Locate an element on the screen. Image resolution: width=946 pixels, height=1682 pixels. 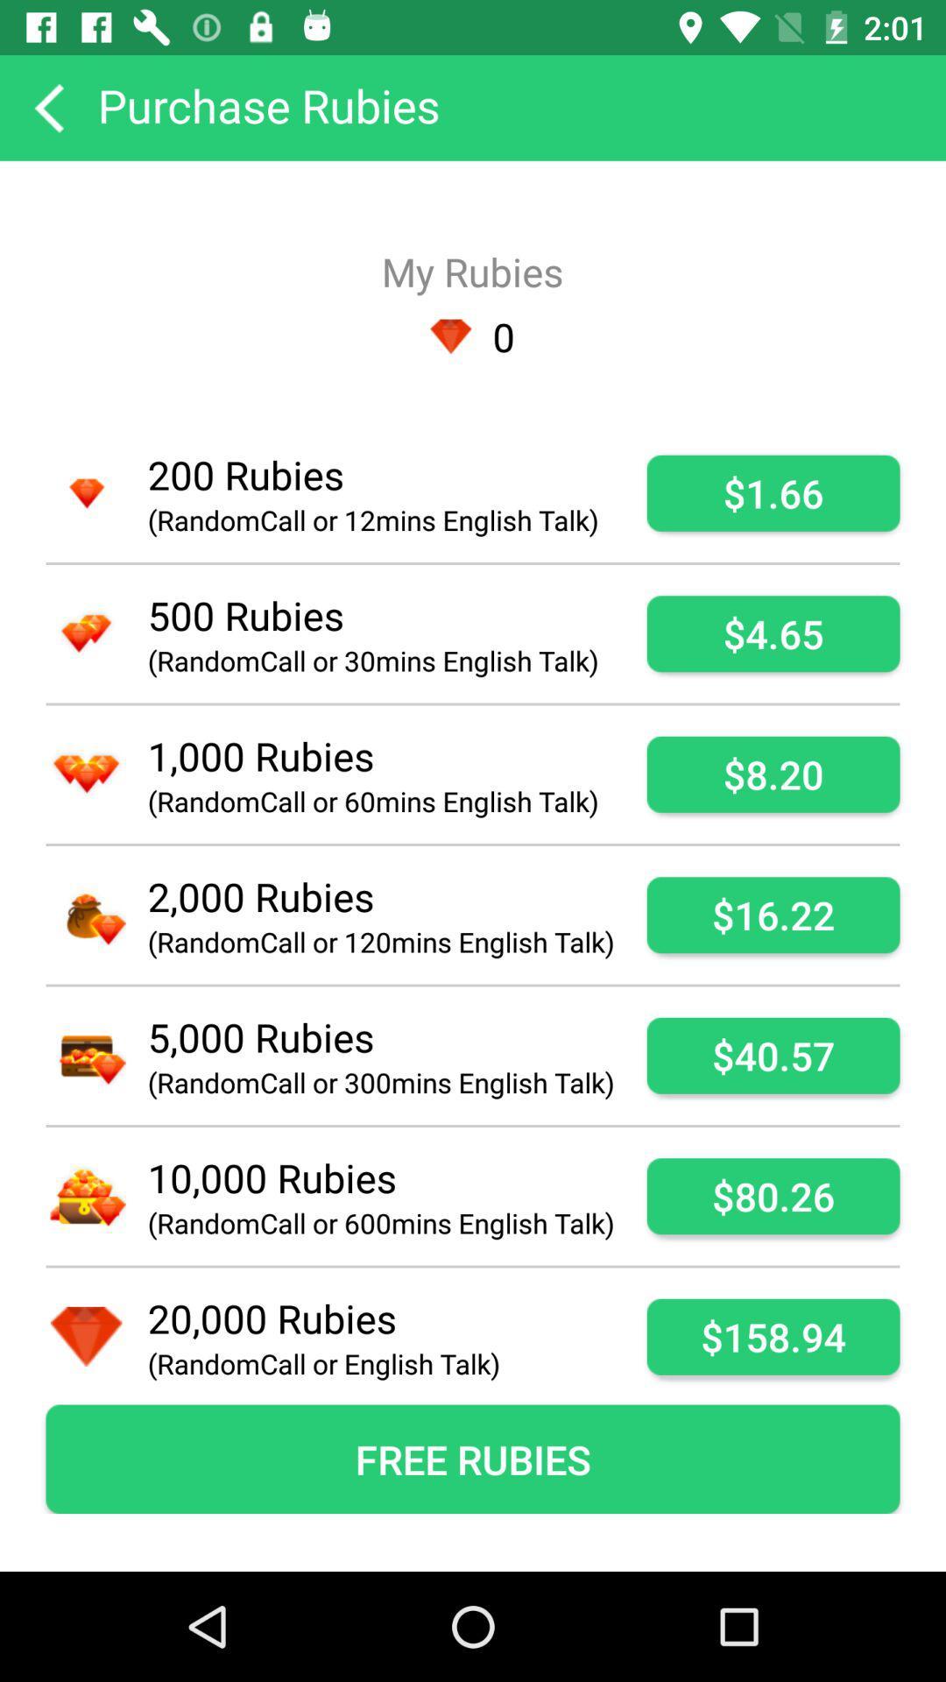
the app next to randomcall or 12mins icon is located at coordinates (773, 492).